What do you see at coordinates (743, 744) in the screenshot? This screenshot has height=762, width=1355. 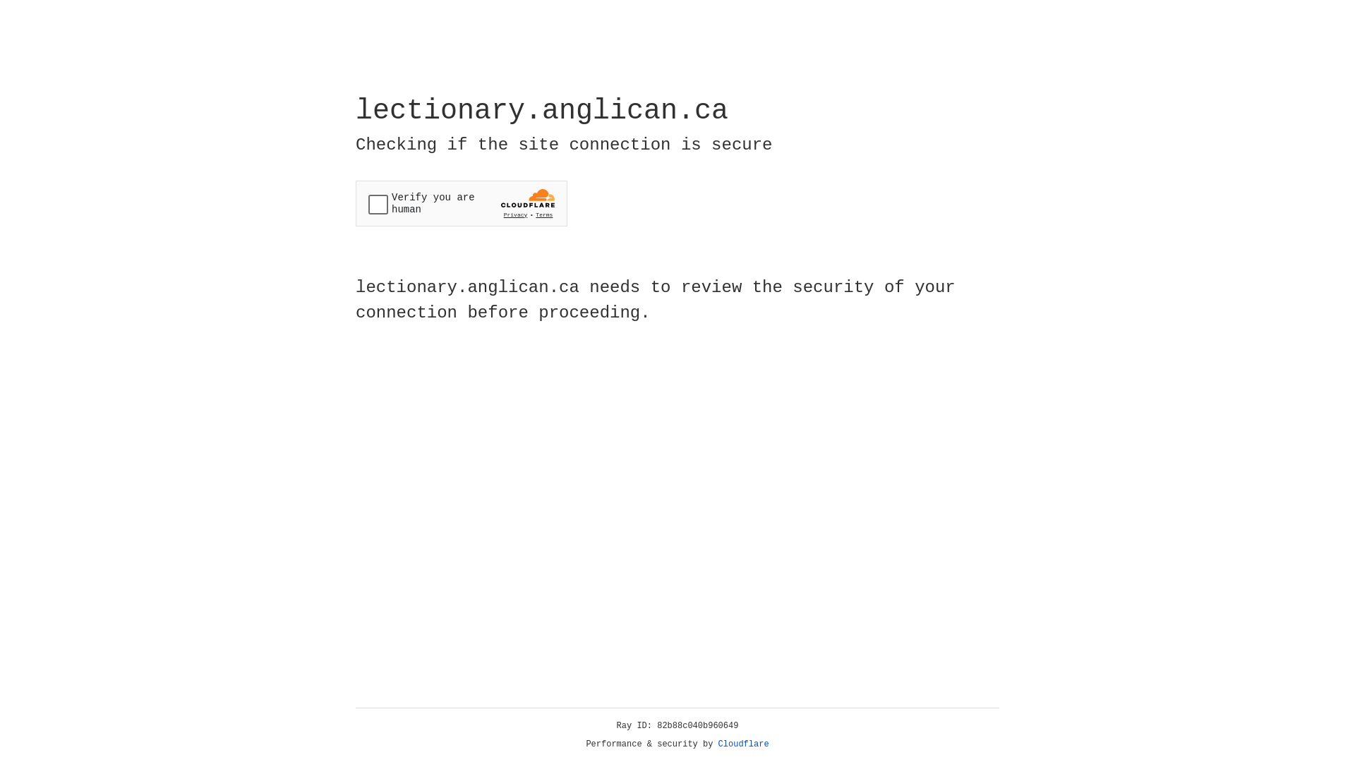 I see `'Cloudflare'` at bounding box center [743, 744].